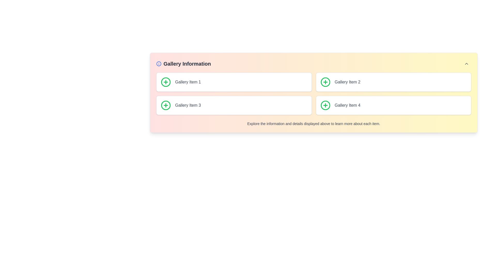 The height and width of the screenshot is (279, 496). Describe the element at coordinates (325, 82) in the screenshot. I see `the circular button with a plus symbol, located to the left of 'Gallery Item 2'` at that location.